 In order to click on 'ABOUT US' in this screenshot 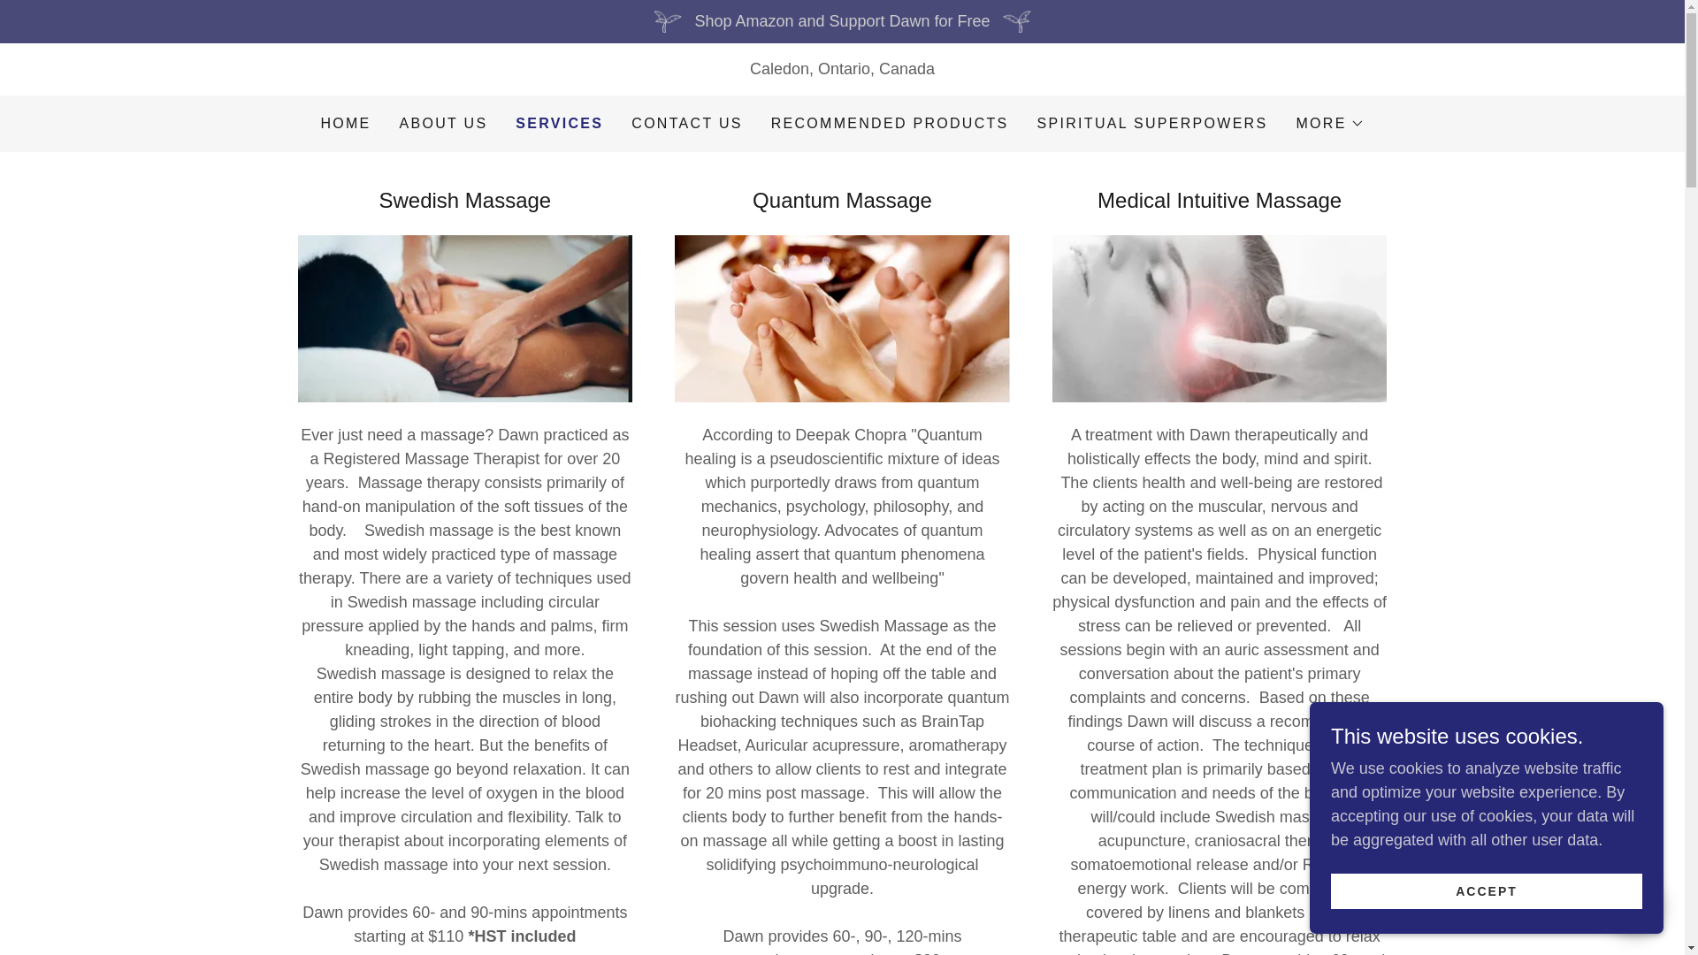, I will do `click(394, 122)`.